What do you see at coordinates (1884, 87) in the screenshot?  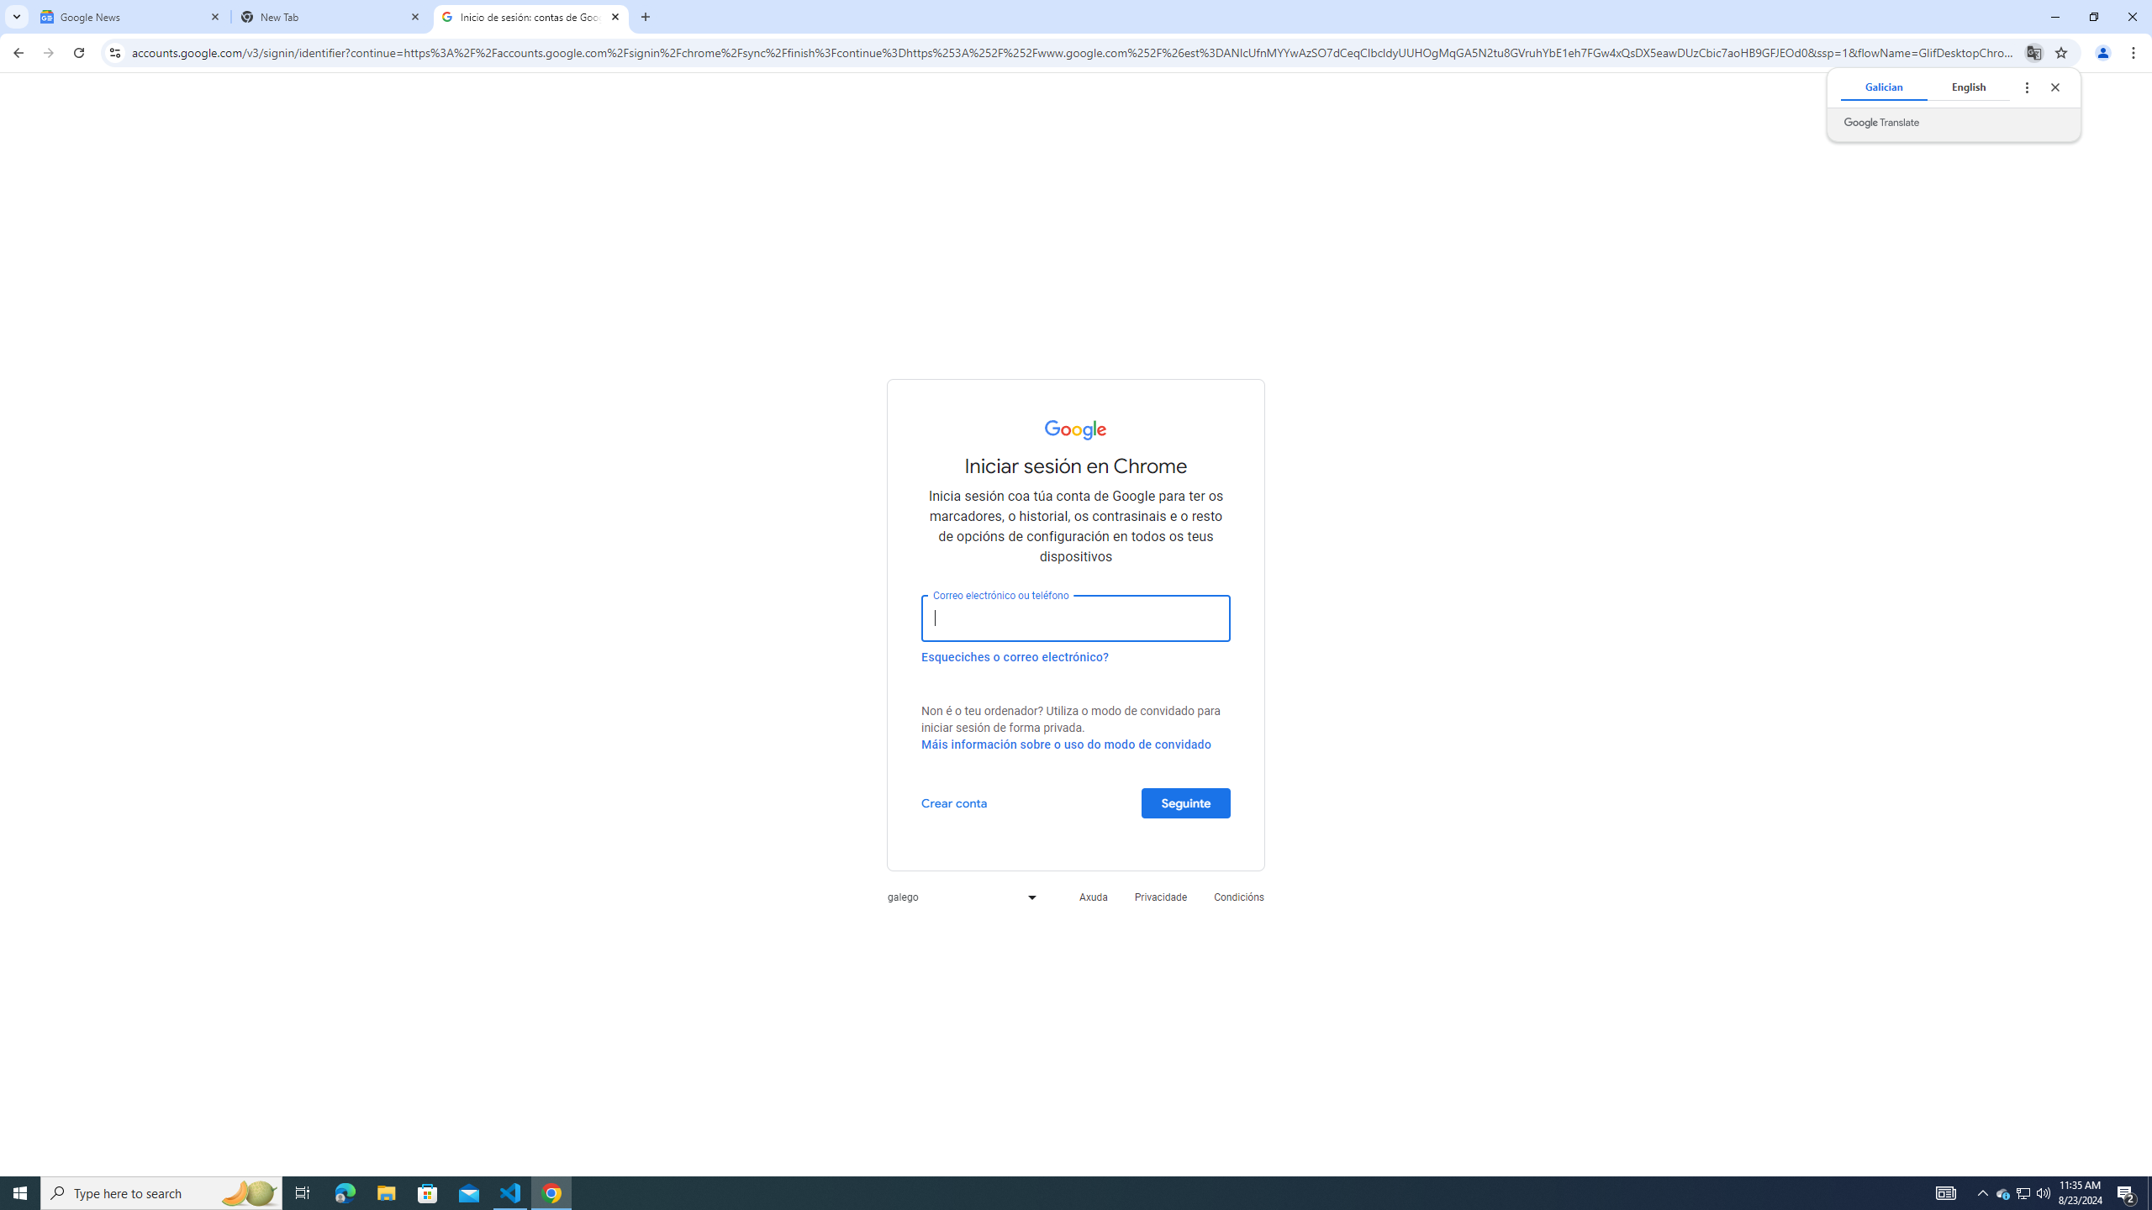 I see `'Galician'` at bounding box center [1884, 87].